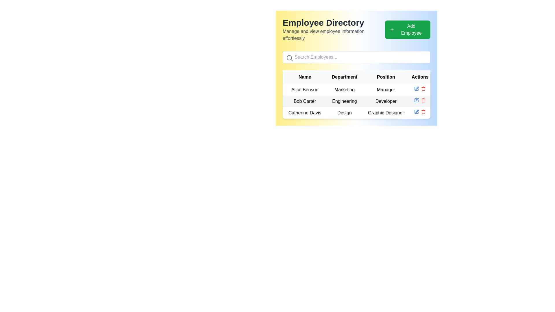 Image resolution: width=555 pixels, height=312 pixels. I want to click on the delete button in the 'Actions' column for the row corresponding to 'Bob Carter', so click(423, 100).